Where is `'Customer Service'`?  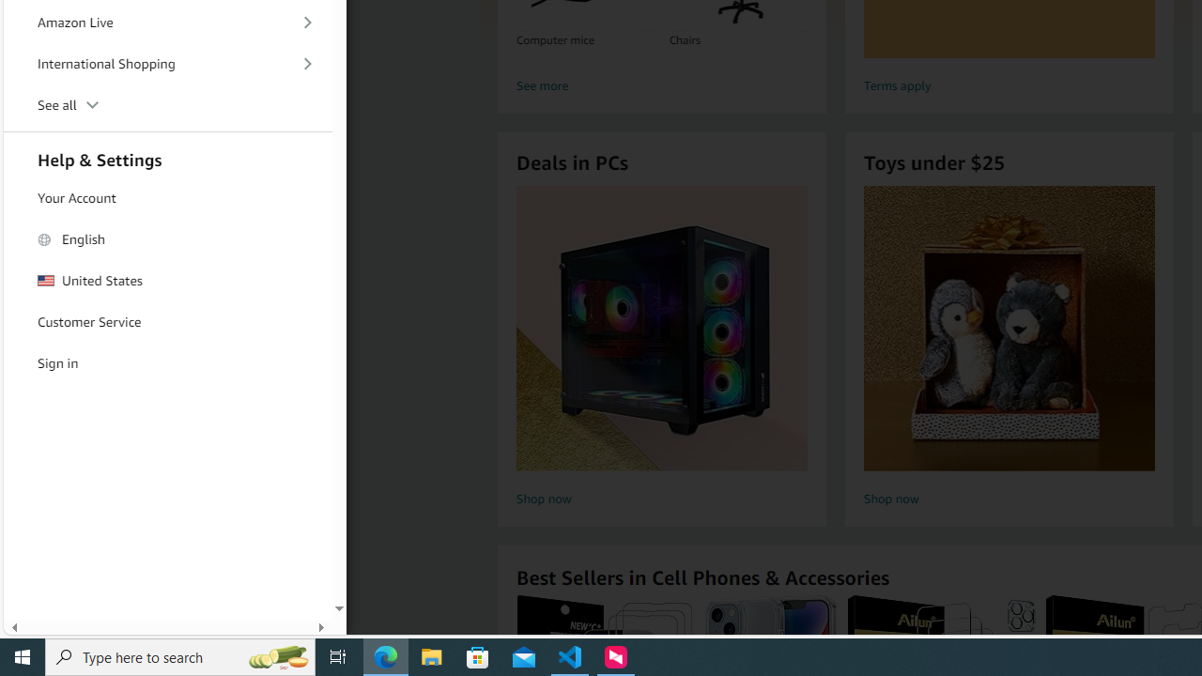 'Customer Service' is located at coordinates (168, 321).